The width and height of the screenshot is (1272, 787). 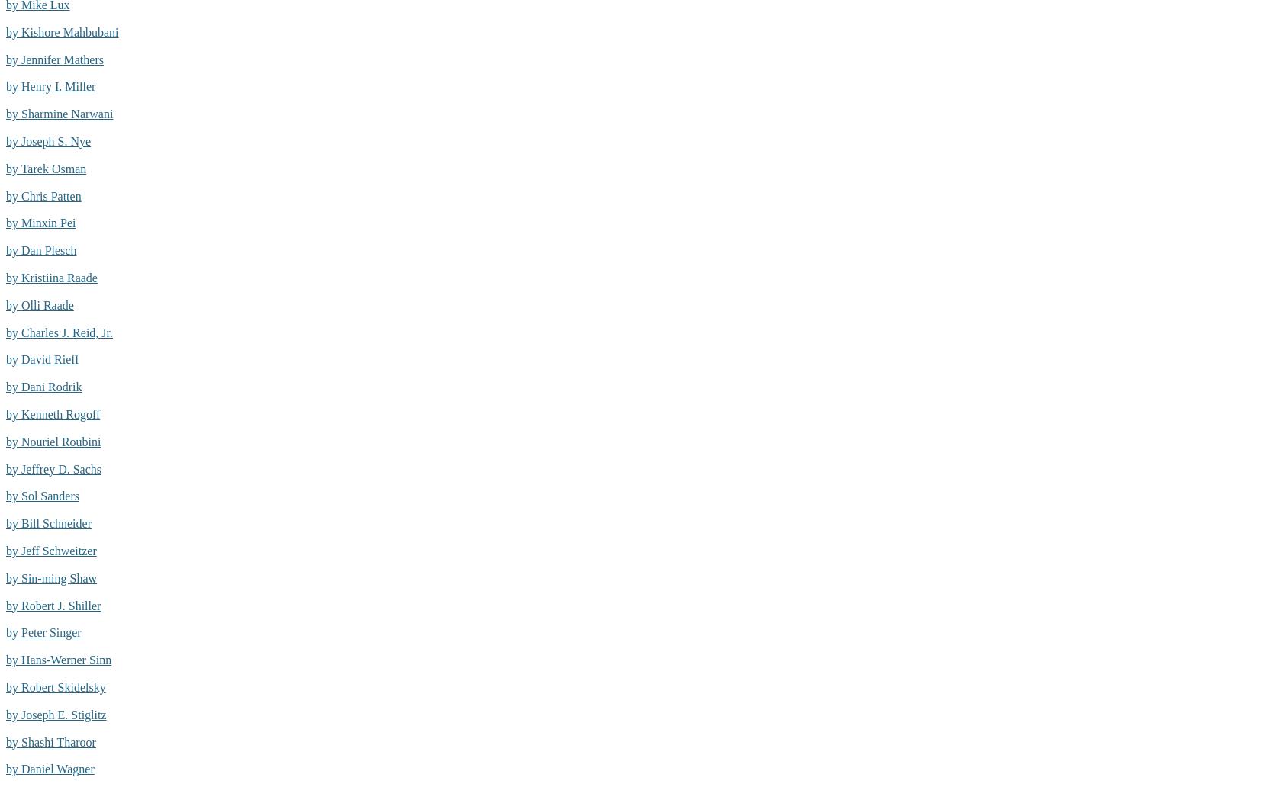 What do you see at coordinates (58, 660) in the screenshot?
I see `'by Hans-Werner Sinn'` at bounding box center [58, 660].